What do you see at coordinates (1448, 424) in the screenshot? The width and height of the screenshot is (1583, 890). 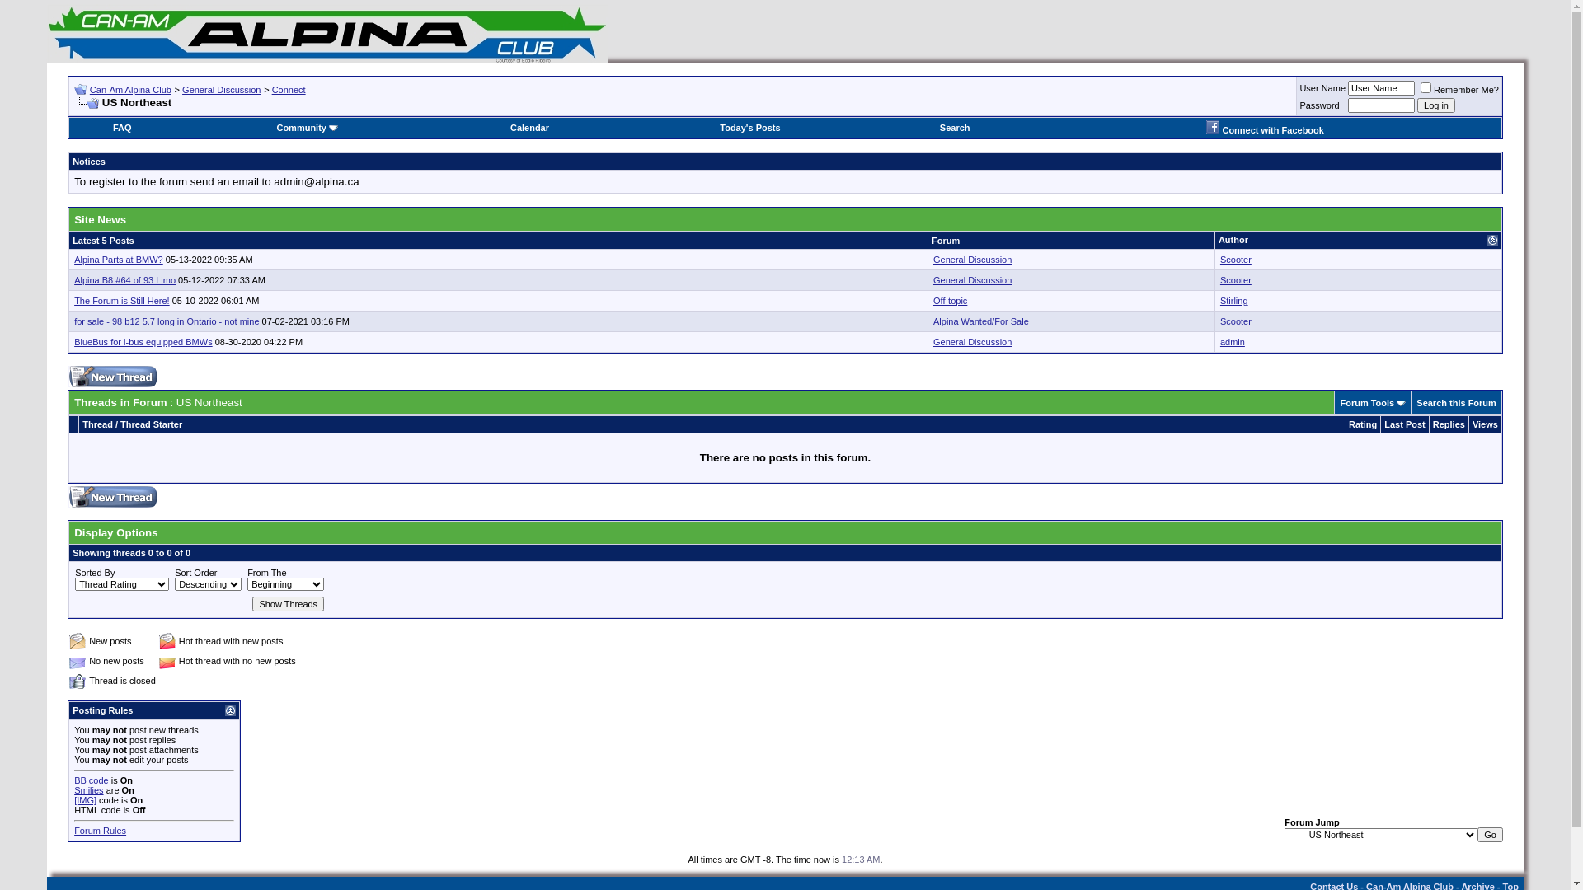 I see `'Replies'` at bounding box center [1448, 424].